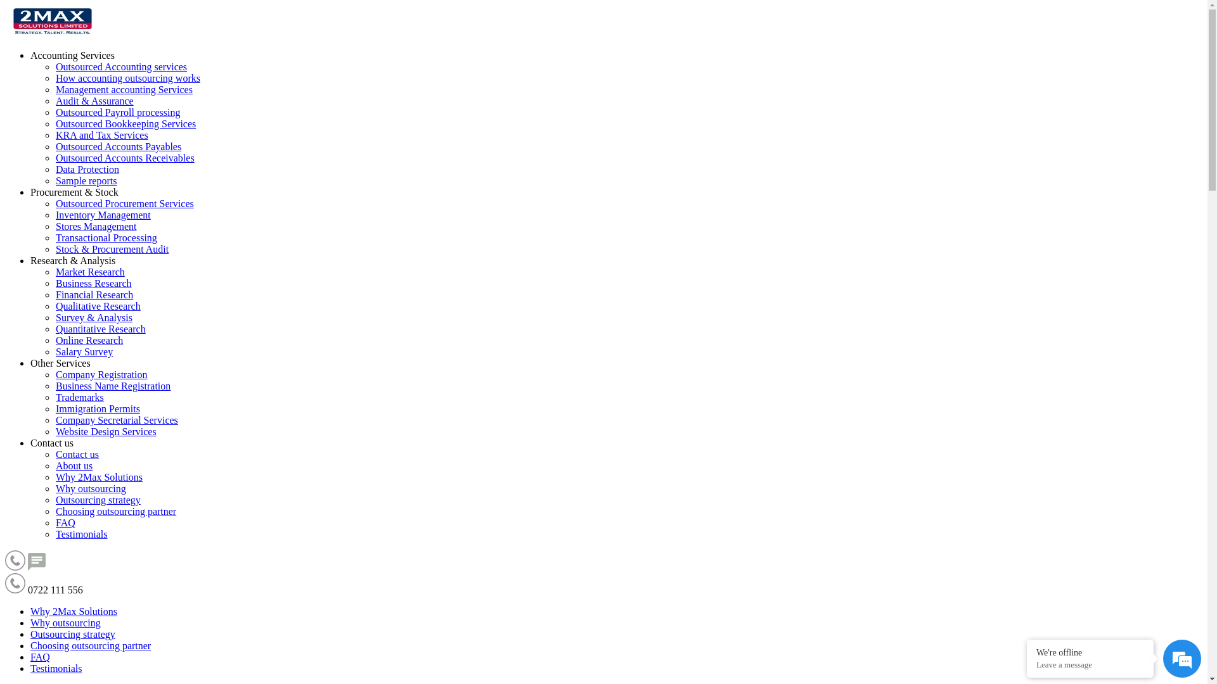 This screenshot has height=684, width=1217. Describe the element at coordinates (100, 374) in the screenshot. I see `'Company Registration'` at that location.